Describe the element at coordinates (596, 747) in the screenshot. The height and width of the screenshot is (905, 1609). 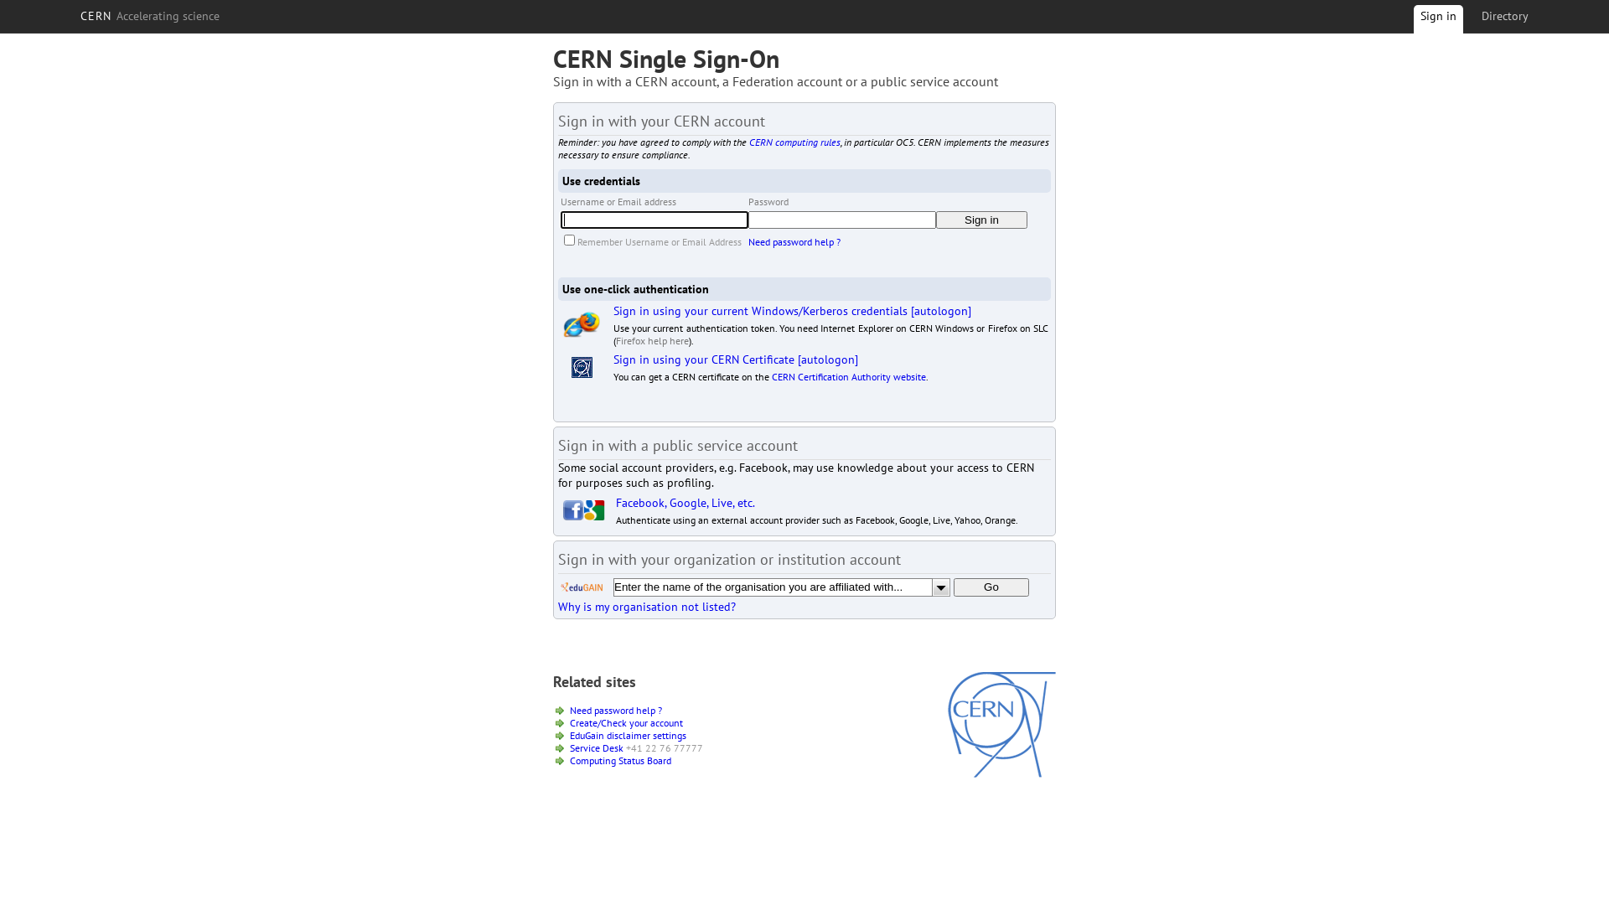
I see `'Service Desk'` at that location.